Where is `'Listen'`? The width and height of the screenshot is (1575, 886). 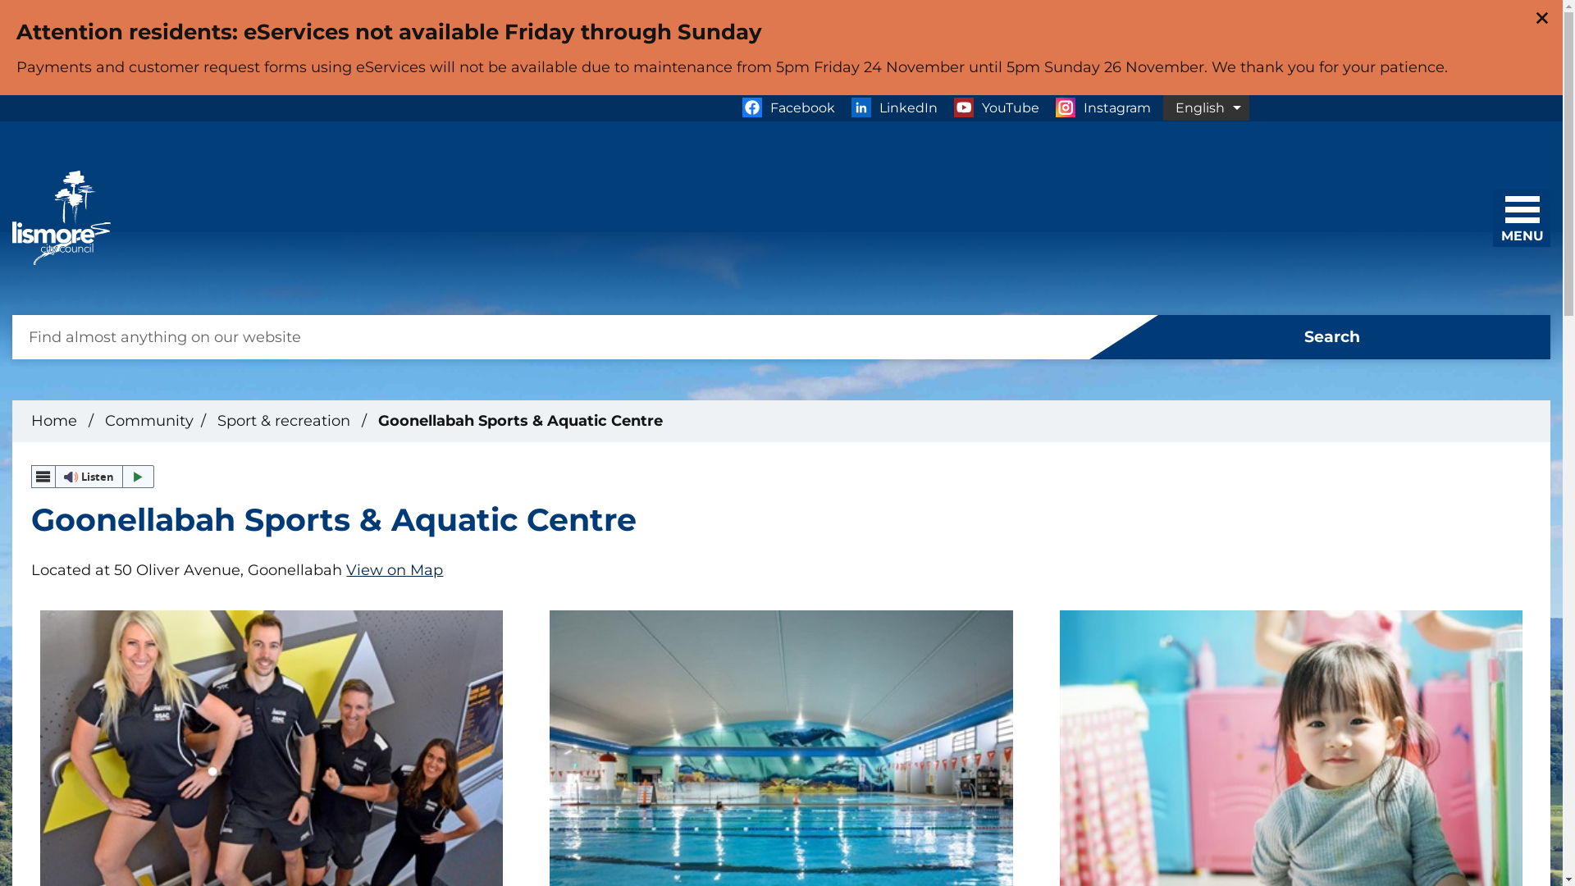 'Listen' is located at coordinates (92, 477).